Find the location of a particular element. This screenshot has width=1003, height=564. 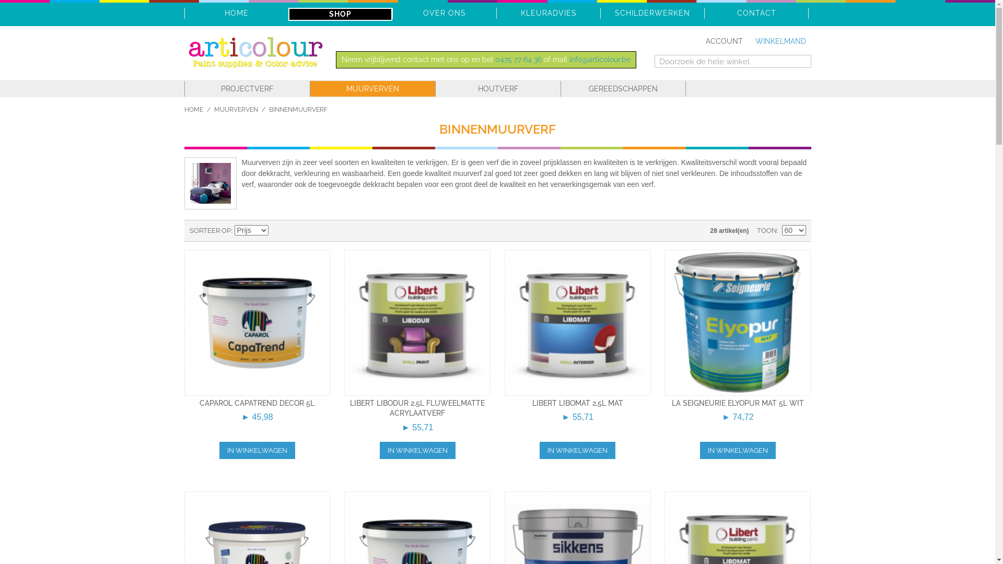

'0475 77 64 36' is located at coordinates (518, 60).